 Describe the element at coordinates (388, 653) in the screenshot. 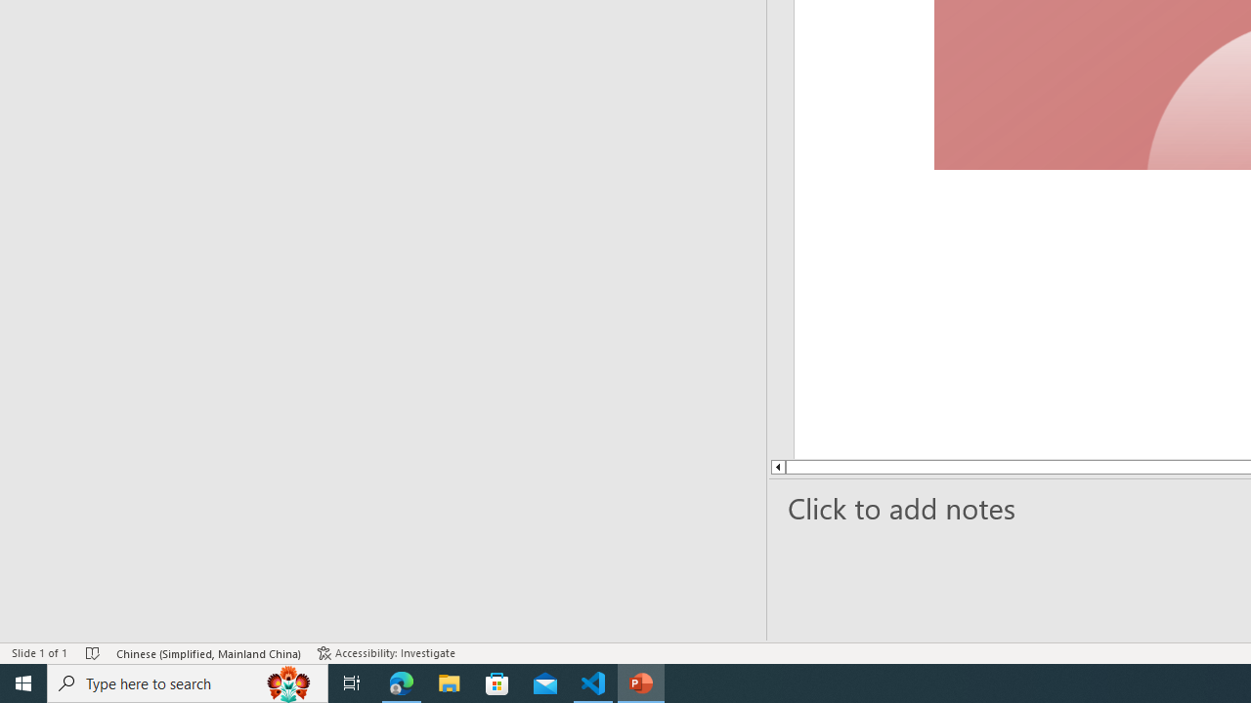

I see `'Accessibility Checker Accessibility: Investigate'` at that location.